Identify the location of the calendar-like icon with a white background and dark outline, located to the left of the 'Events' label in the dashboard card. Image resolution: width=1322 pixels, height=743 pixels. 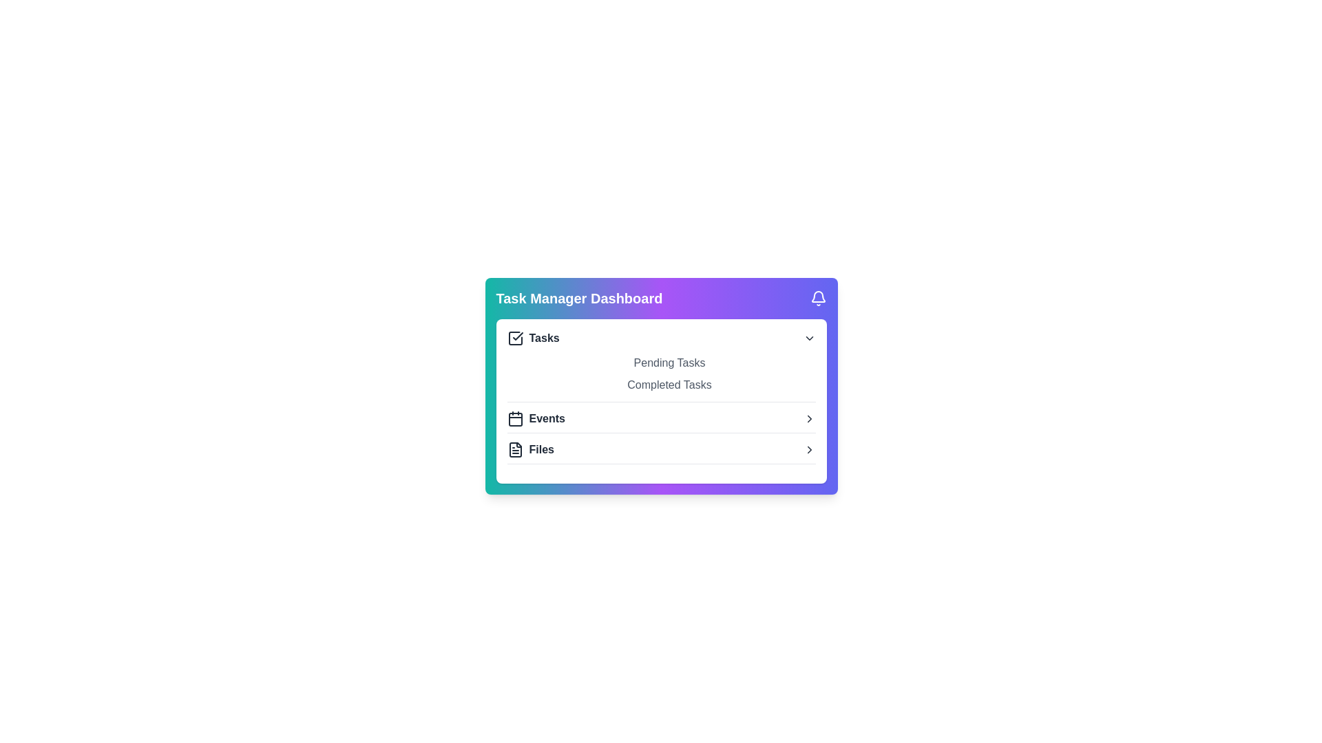
(514, 418).